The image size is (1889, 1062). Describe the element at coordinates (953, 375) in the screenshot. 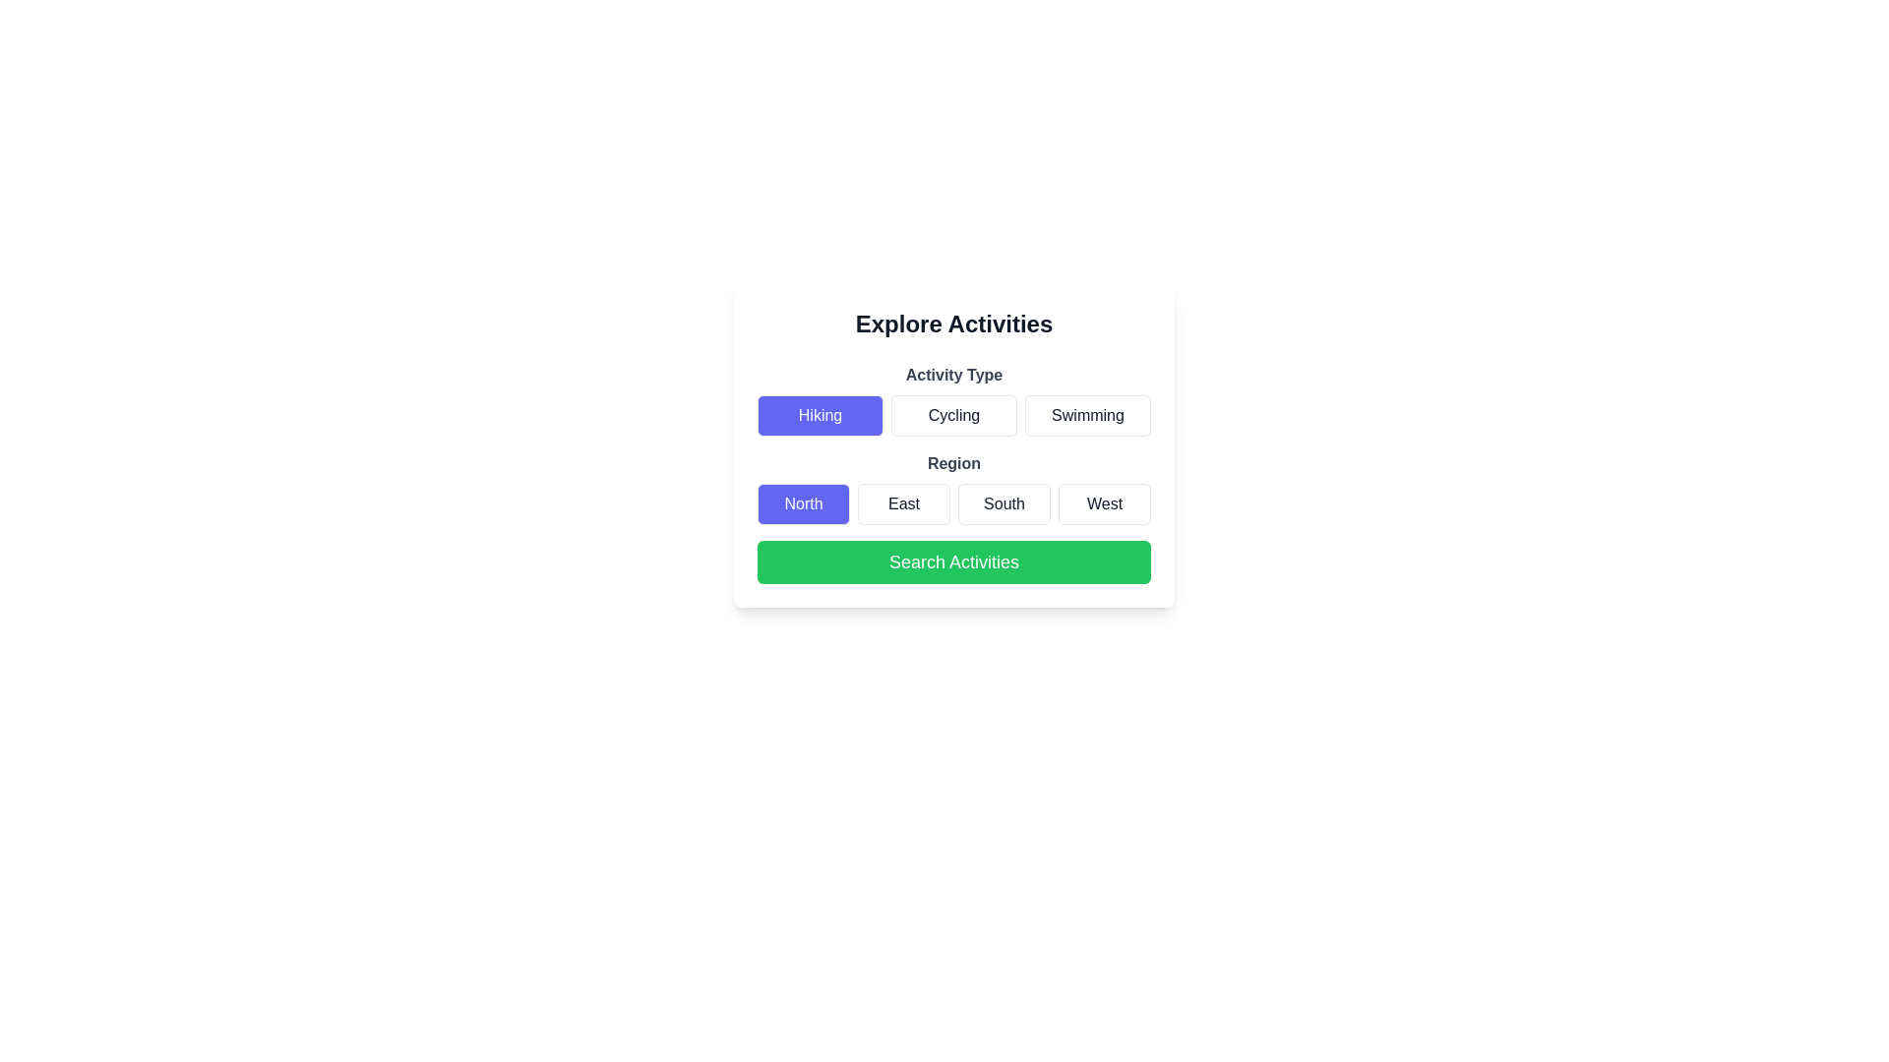

I see `the text label reading 'Activity Type', which is a semi-bold gray font positioned above the activity selection options (Hiking, Cycling, Swimming)` at that location.